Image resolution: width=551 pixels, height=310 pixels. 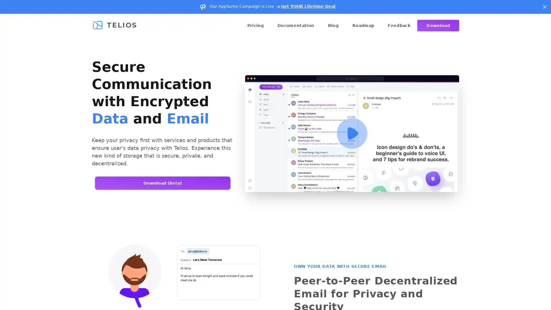 What do you see at coordinates (544, 7) in the screenshot?
I see `Dismiss` at bounding box center [544, 7].